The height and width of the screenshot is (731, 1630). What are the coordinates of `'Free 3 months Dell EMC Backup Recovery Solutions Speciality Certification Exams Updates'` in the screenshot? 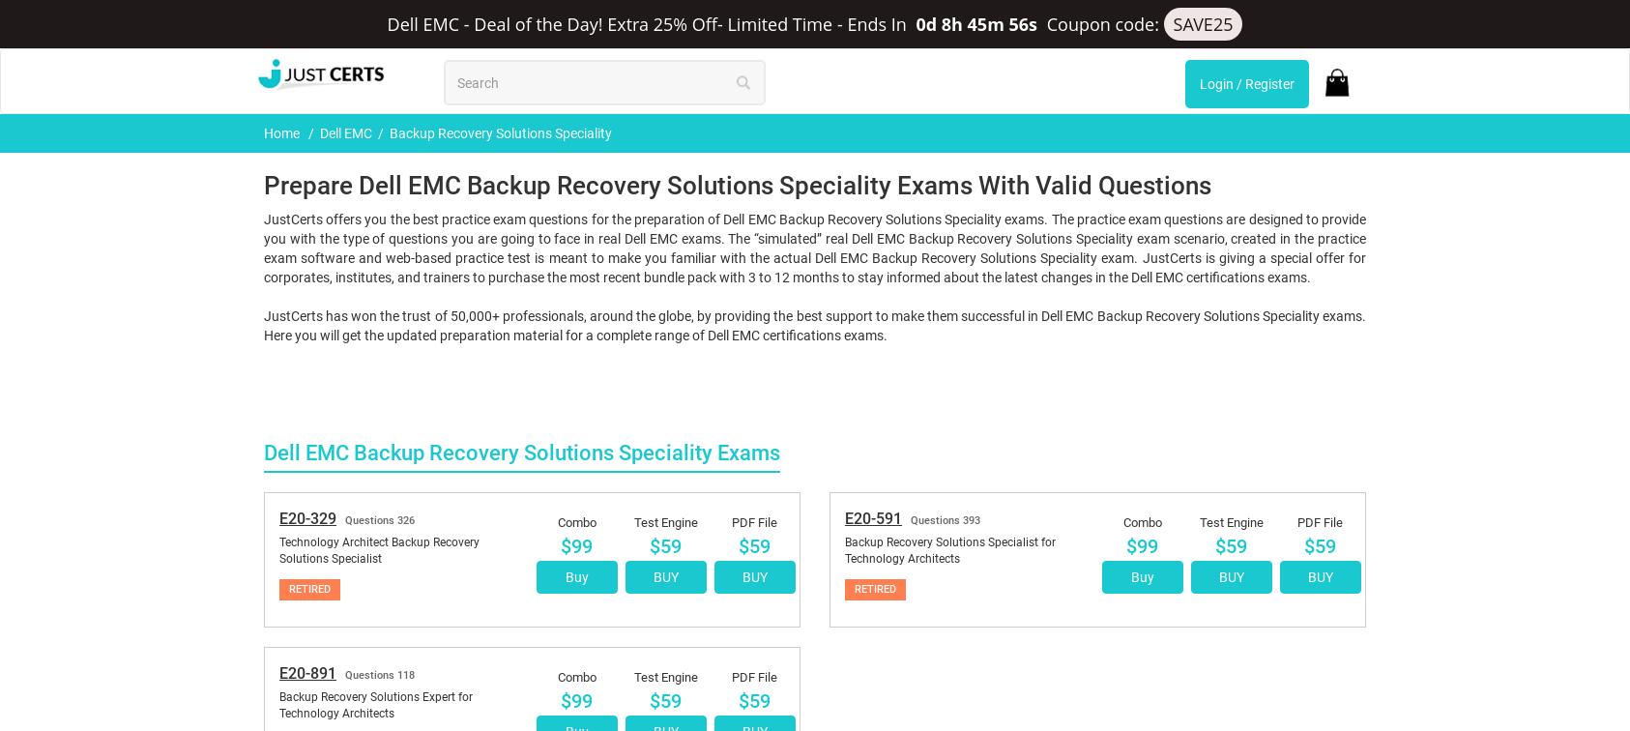 It's located at (1109, 699).